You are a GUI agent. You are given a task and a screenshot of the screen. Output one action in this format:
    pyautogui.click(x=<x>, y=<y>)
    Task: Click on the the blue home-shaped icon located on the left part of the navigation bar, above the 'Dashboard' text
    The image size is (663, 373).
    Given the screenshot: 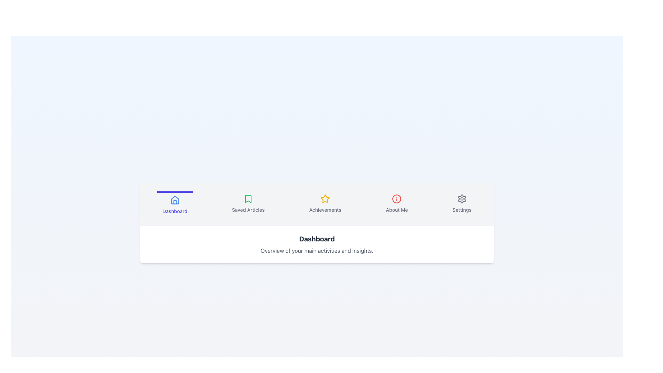 What is the action you would take?
    pyautogui.click(x=175, y=200)
    